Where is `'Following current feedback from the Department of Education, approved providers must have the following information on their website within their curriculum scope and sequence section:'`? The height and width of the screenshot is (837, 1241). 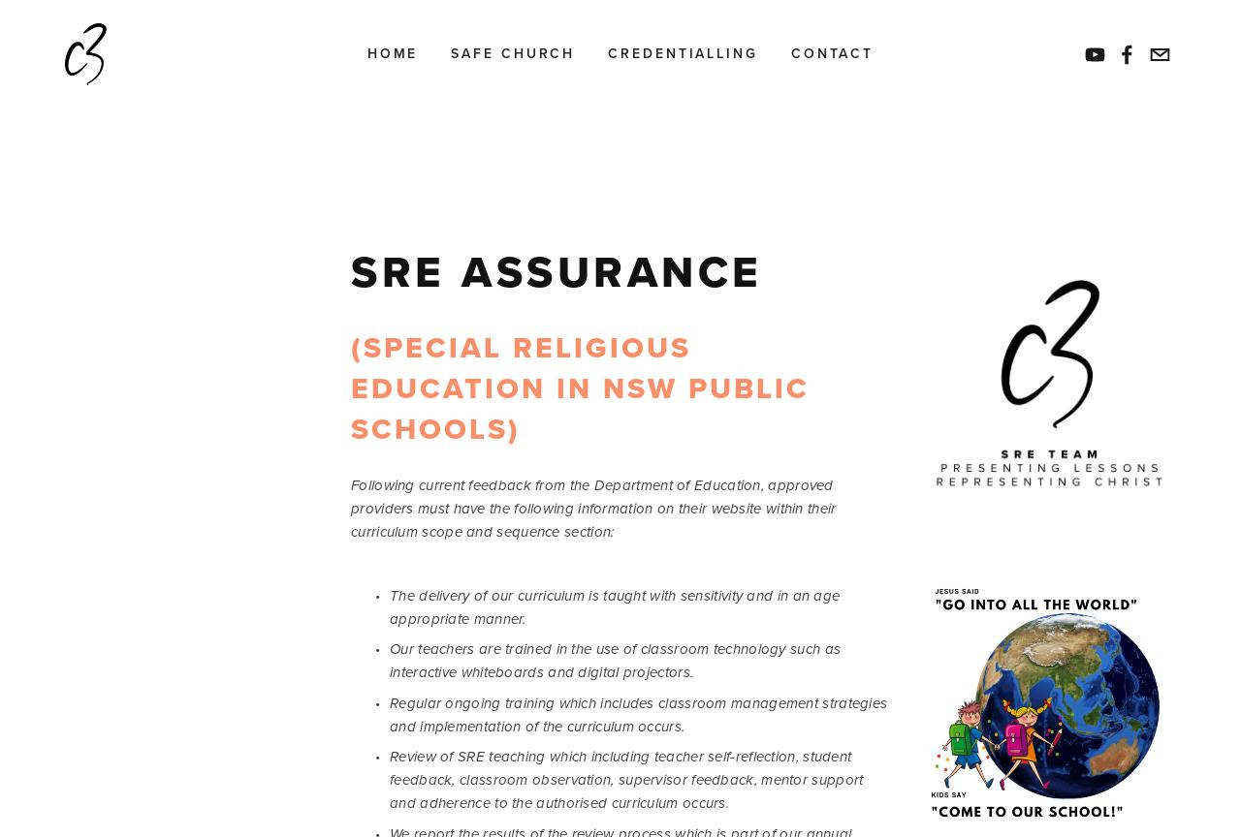 'Following current feedback from the Department of Education, approved providers must have the following information on their website within their curriculum scope and sequence section:' is located at coordinates (594, 508).